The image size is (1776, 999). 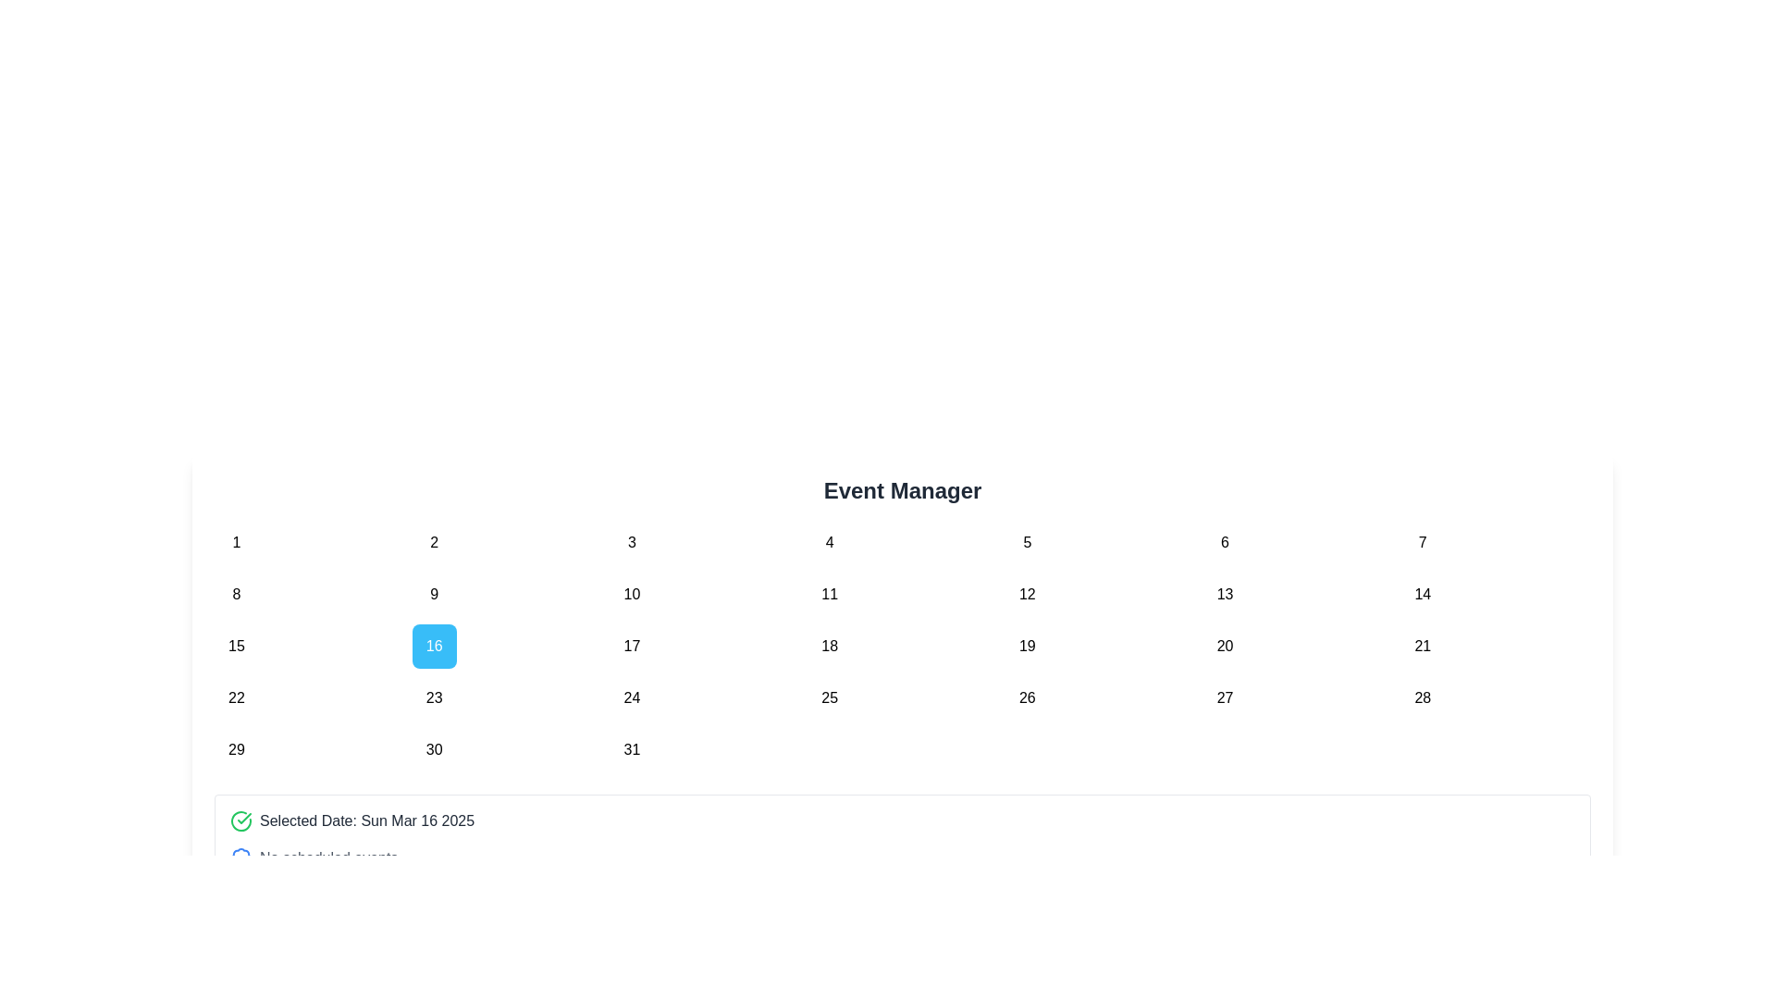 What do you see at coordinates (433, 749) in the screenshot?
I see `the date selection button for '30' in the calendar interface` at bounding box center [433, 749].